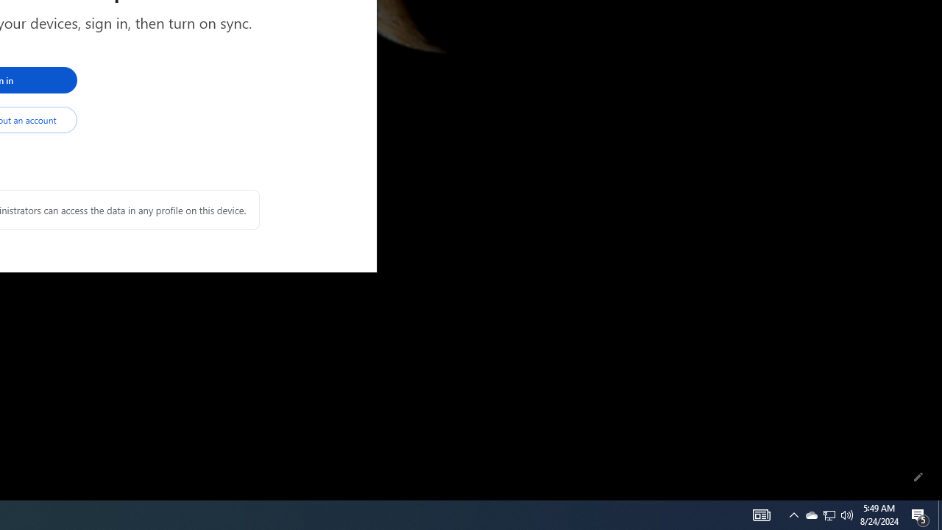  What do you see at coordinates (793, 514) in the screenshot?
I see `'Notification Chevron'` at bounding box center [793, 514].